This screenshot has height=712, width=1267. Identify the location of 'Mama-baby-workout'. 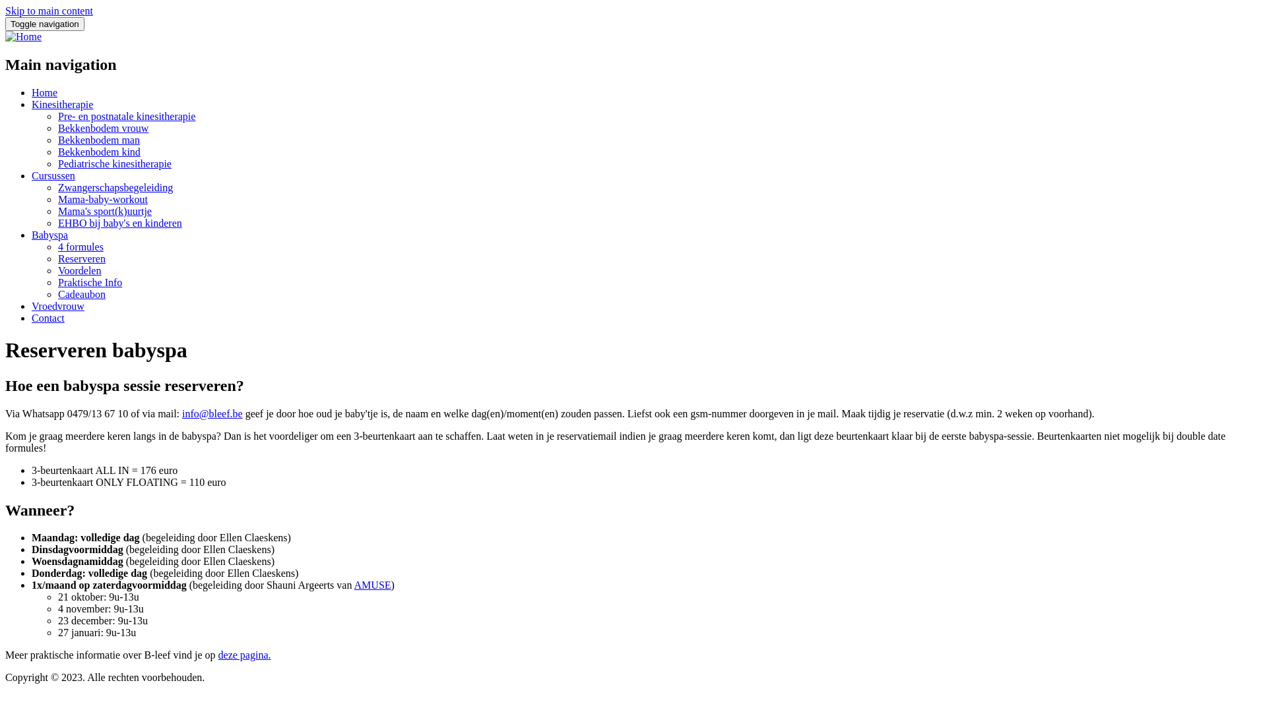
(102, 199).